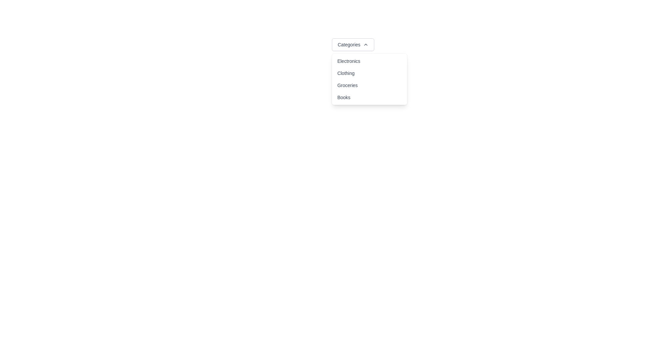 Image resolution: width=645 pixels, height=363 pixels. Describe the element at coordinates (369, 61) in the screenshot. I see `the menu item labeled 'Electronics'` at that location.